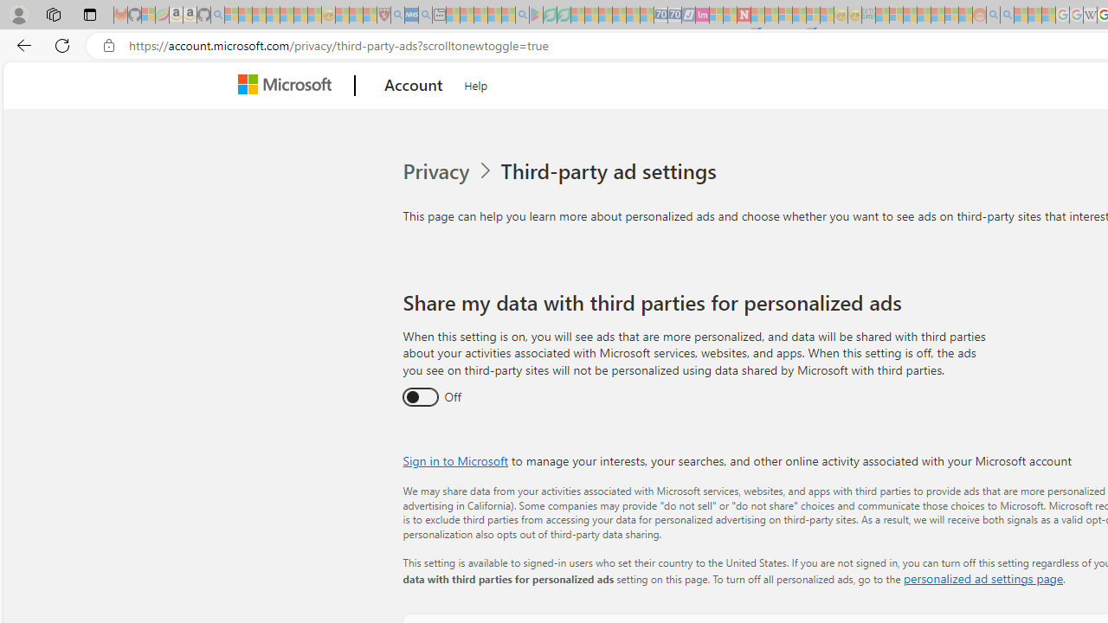 The image size is (1108, 623). I want to click on 'Third-party ad settings', so click(612, 171).